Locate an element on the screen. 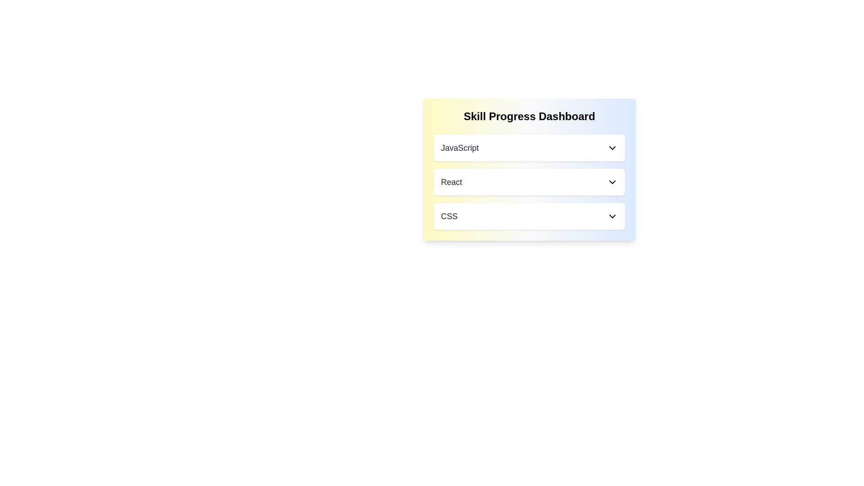 The height and width of the screenshot is (486, 864). the 'React' text label, which serves as a title within the dropdown component, located in the middle section of the list-like structure is located at coordinates (451, 182).